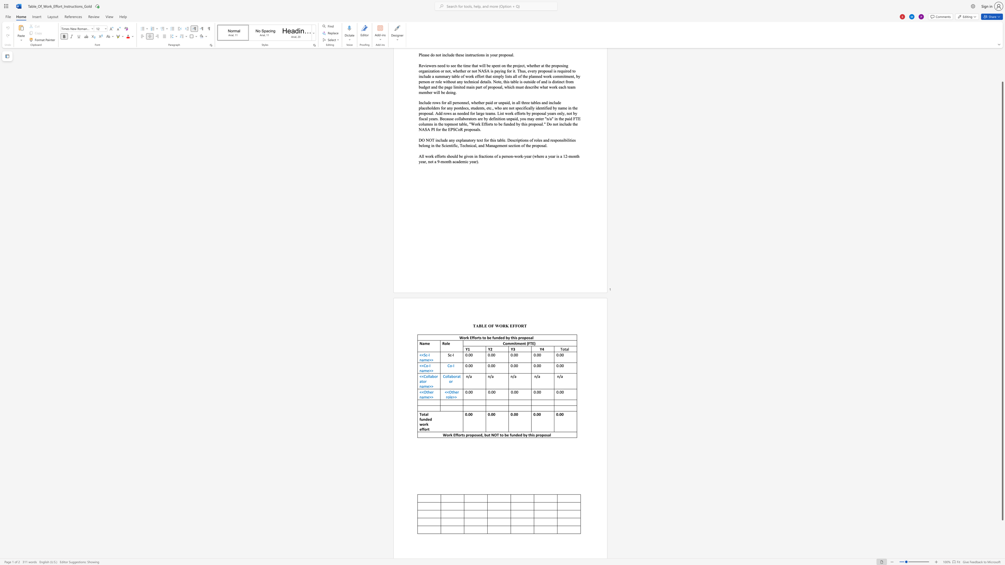 The height and width of the screenshot is (565, 1005). What do you see at coordinates (1002, 71) in the screenshot?
I see `the scrollbar` at bounding box center [1002, 71].